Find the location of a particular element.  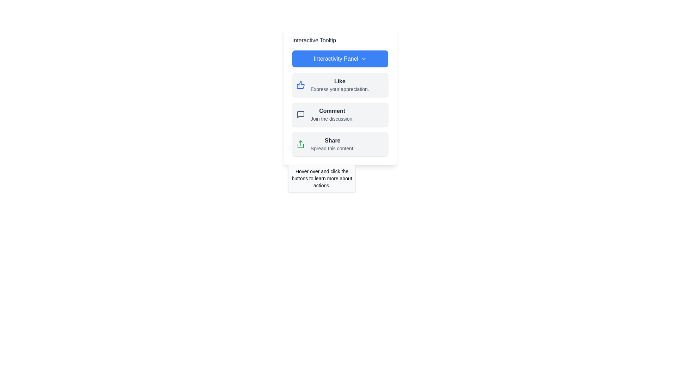

the topmost button in the 'Interactive Tooltip' group is located at coordinates (340, 58).